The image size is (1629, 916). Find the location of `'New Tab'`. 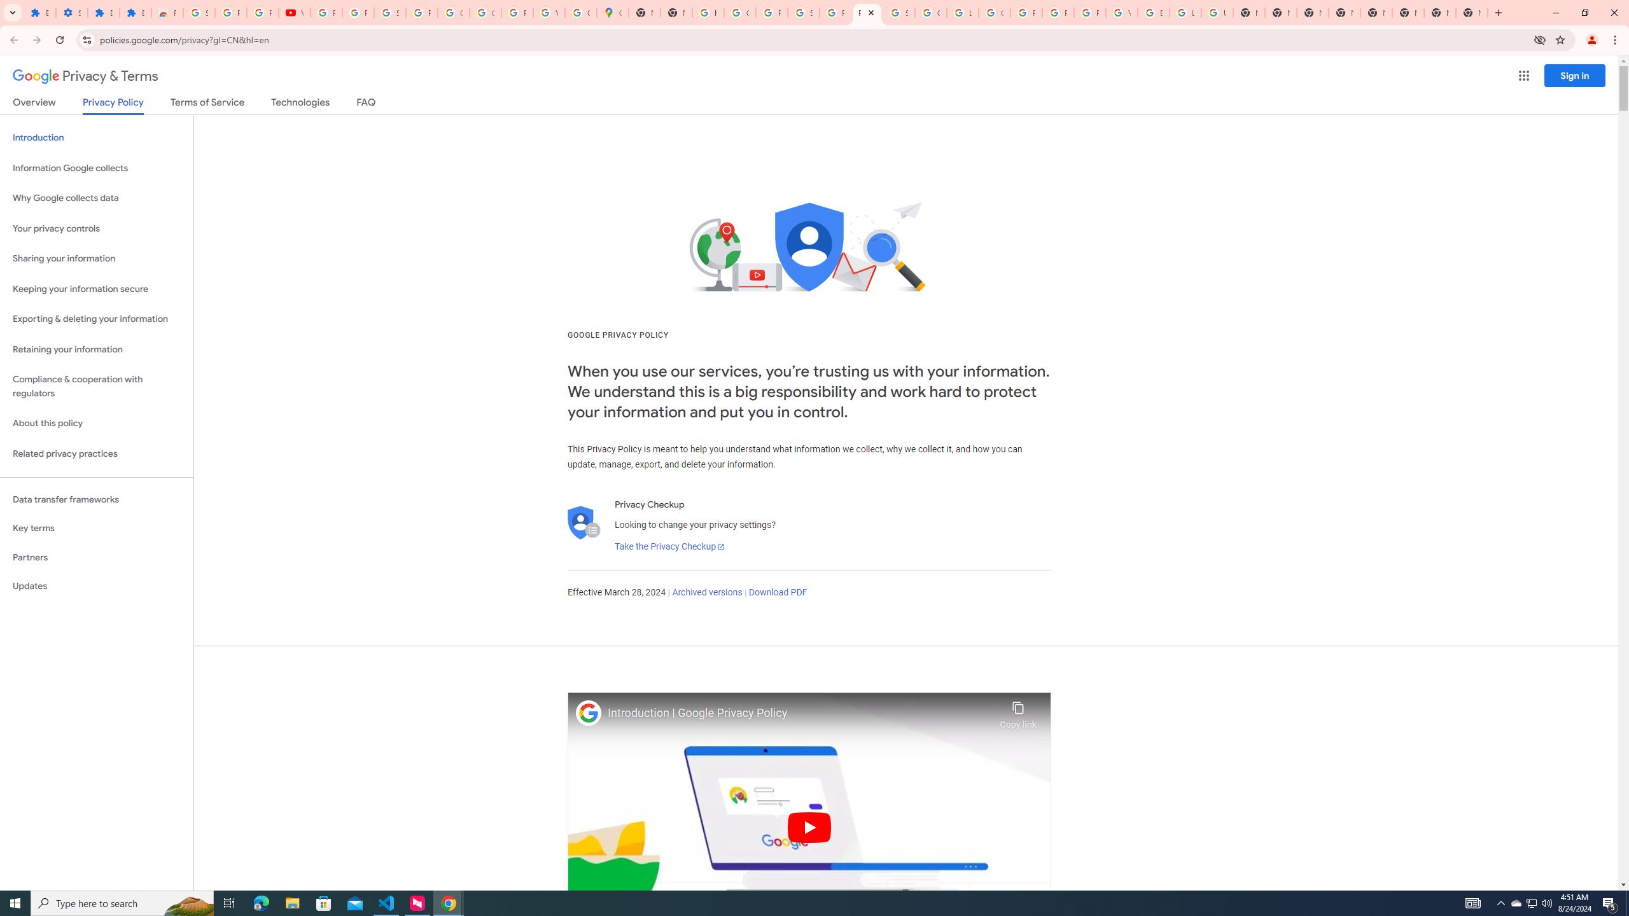

'New Tab' is located at coordinates (1471, 12).